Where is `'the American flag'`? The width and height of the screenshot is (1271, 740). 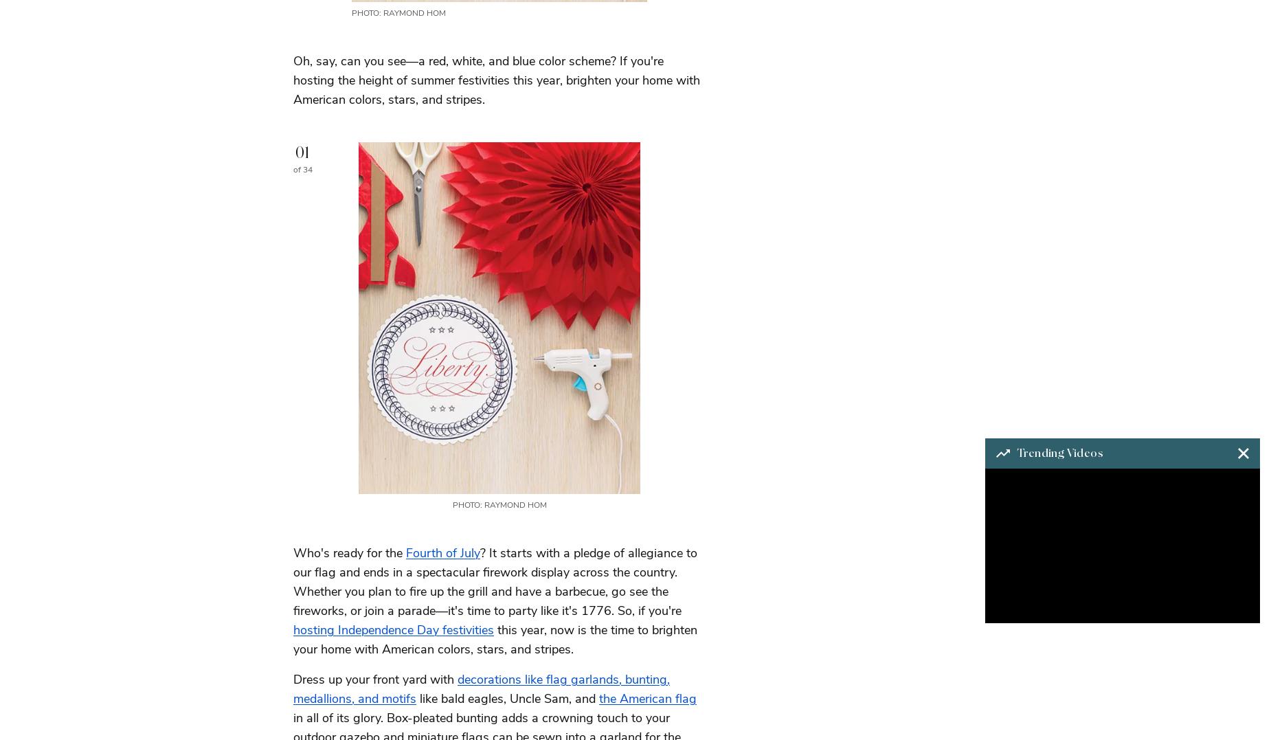
'the American flag' is located at coordinates (646, 697).